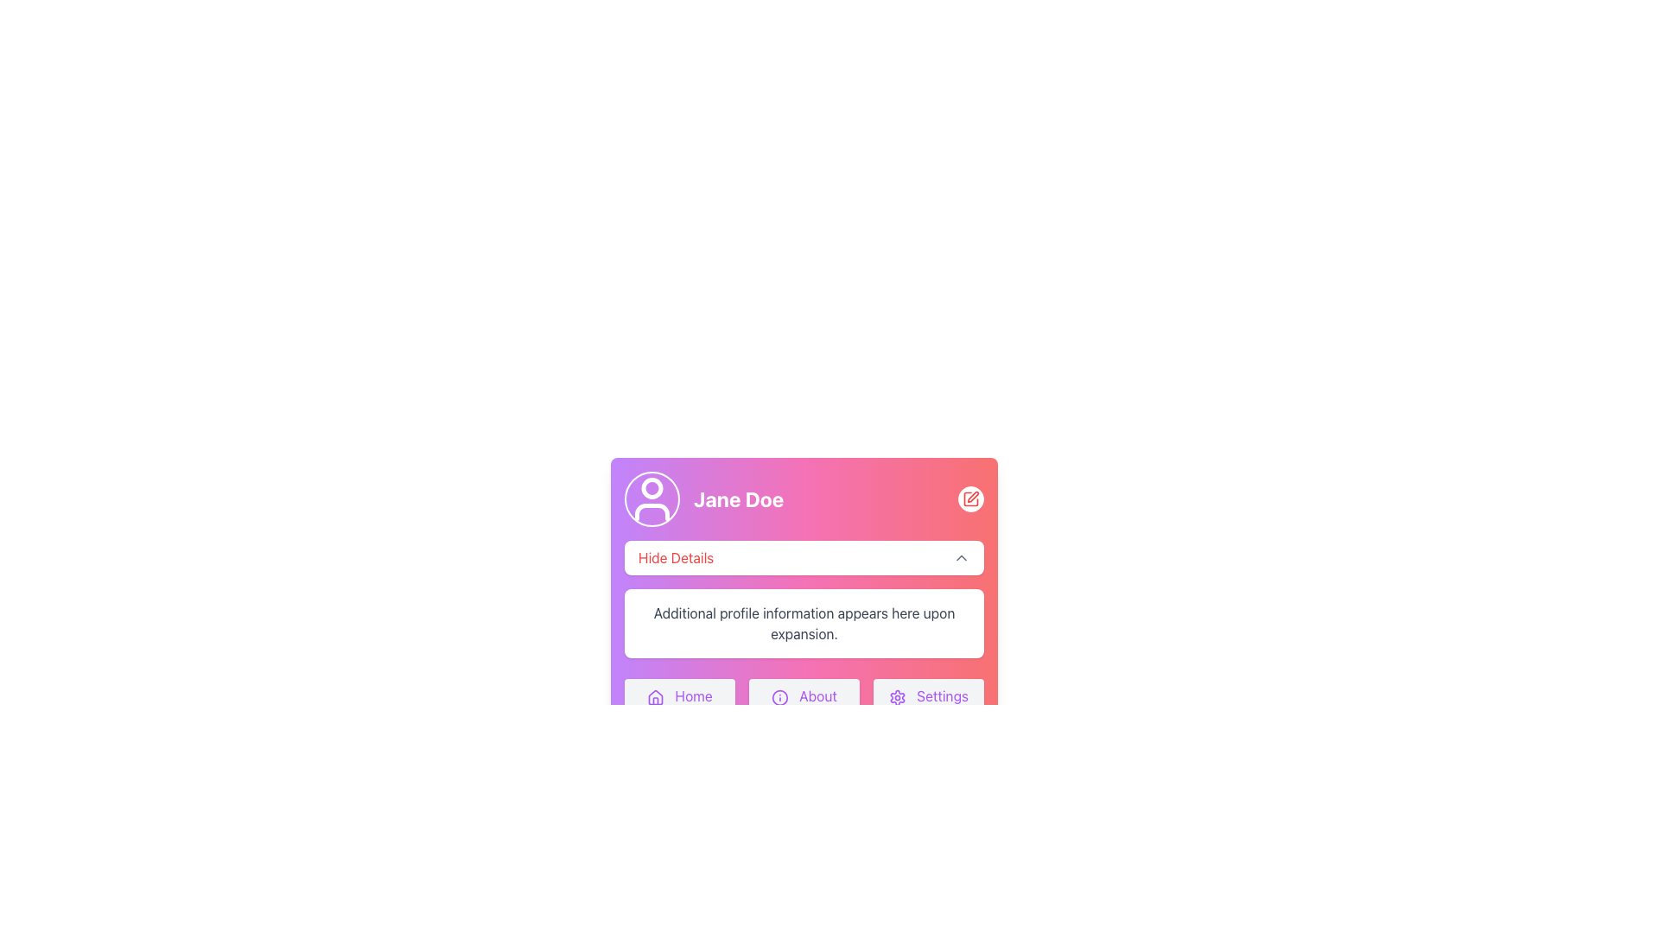 This screenshot has height=933, width=1659. Describe the element at coordinates (897, 696) in the screenshot. I see `the settings icon button located in the bottom navigation bar, which is the rightmost icon adjacent to the 'Settings' text label` at that location.